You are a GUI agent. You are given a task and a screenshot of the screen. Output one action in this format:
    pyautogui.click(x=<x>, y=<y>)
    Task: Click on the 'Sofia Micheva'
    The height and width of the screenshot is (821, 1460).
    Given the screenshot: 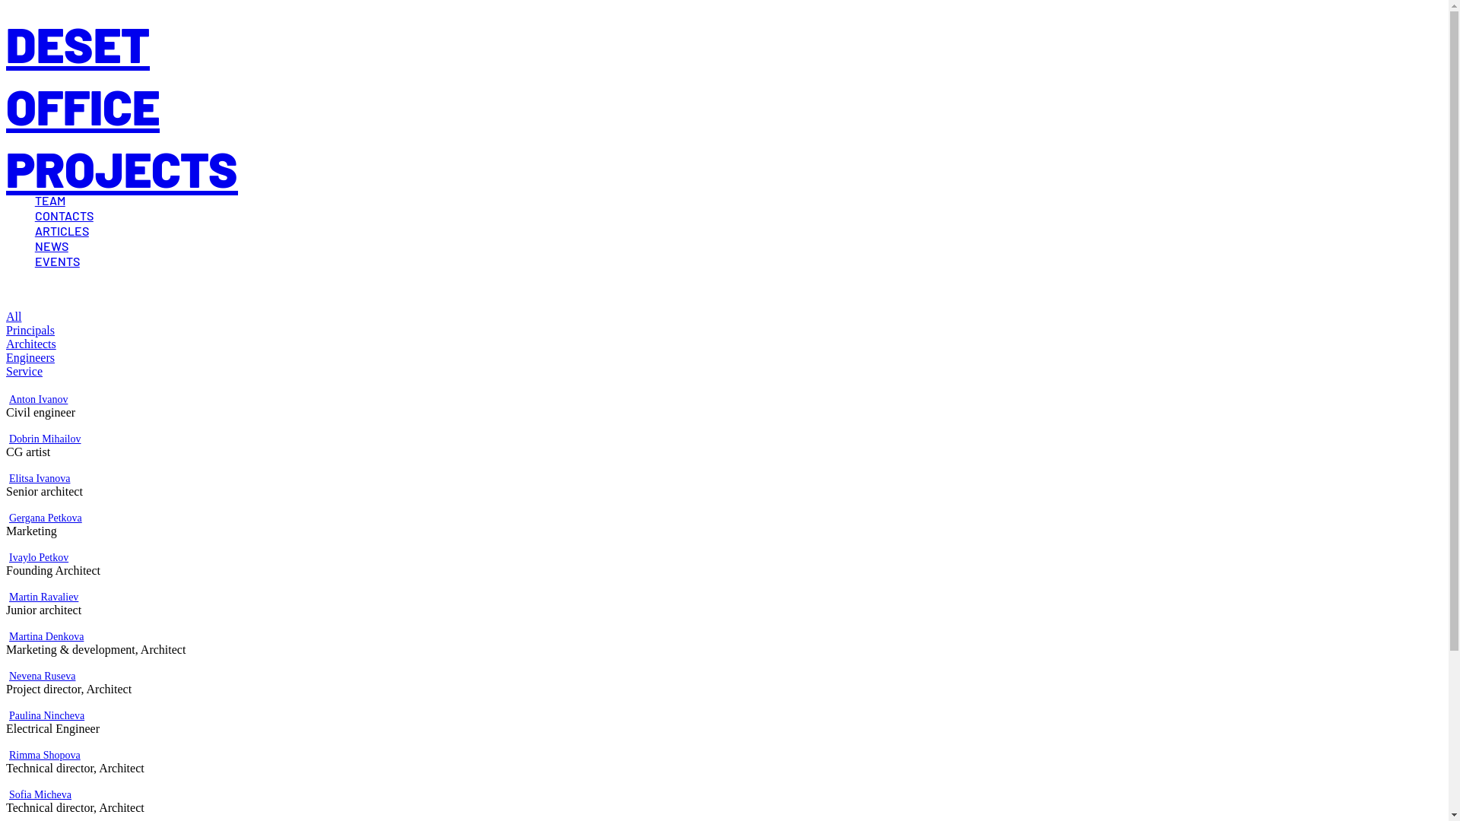 What is the action you would take?
    pyautogui.click(x=40, y=794)
    